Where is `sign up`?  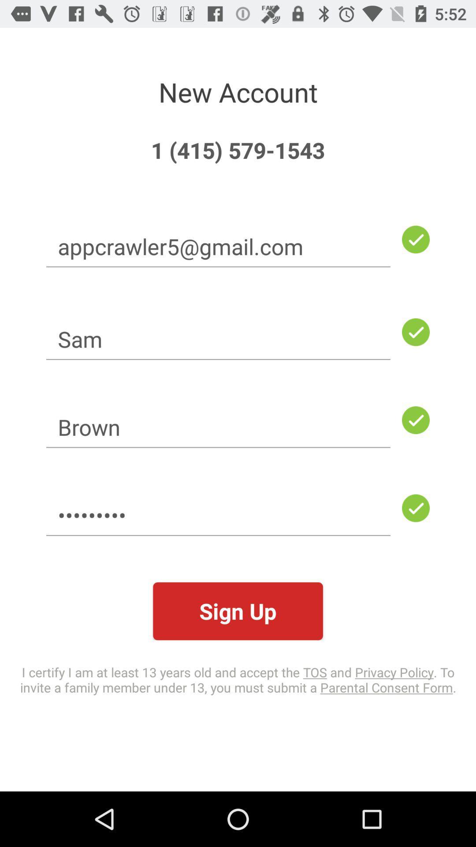
sign up is located at coordinates (238, 611).